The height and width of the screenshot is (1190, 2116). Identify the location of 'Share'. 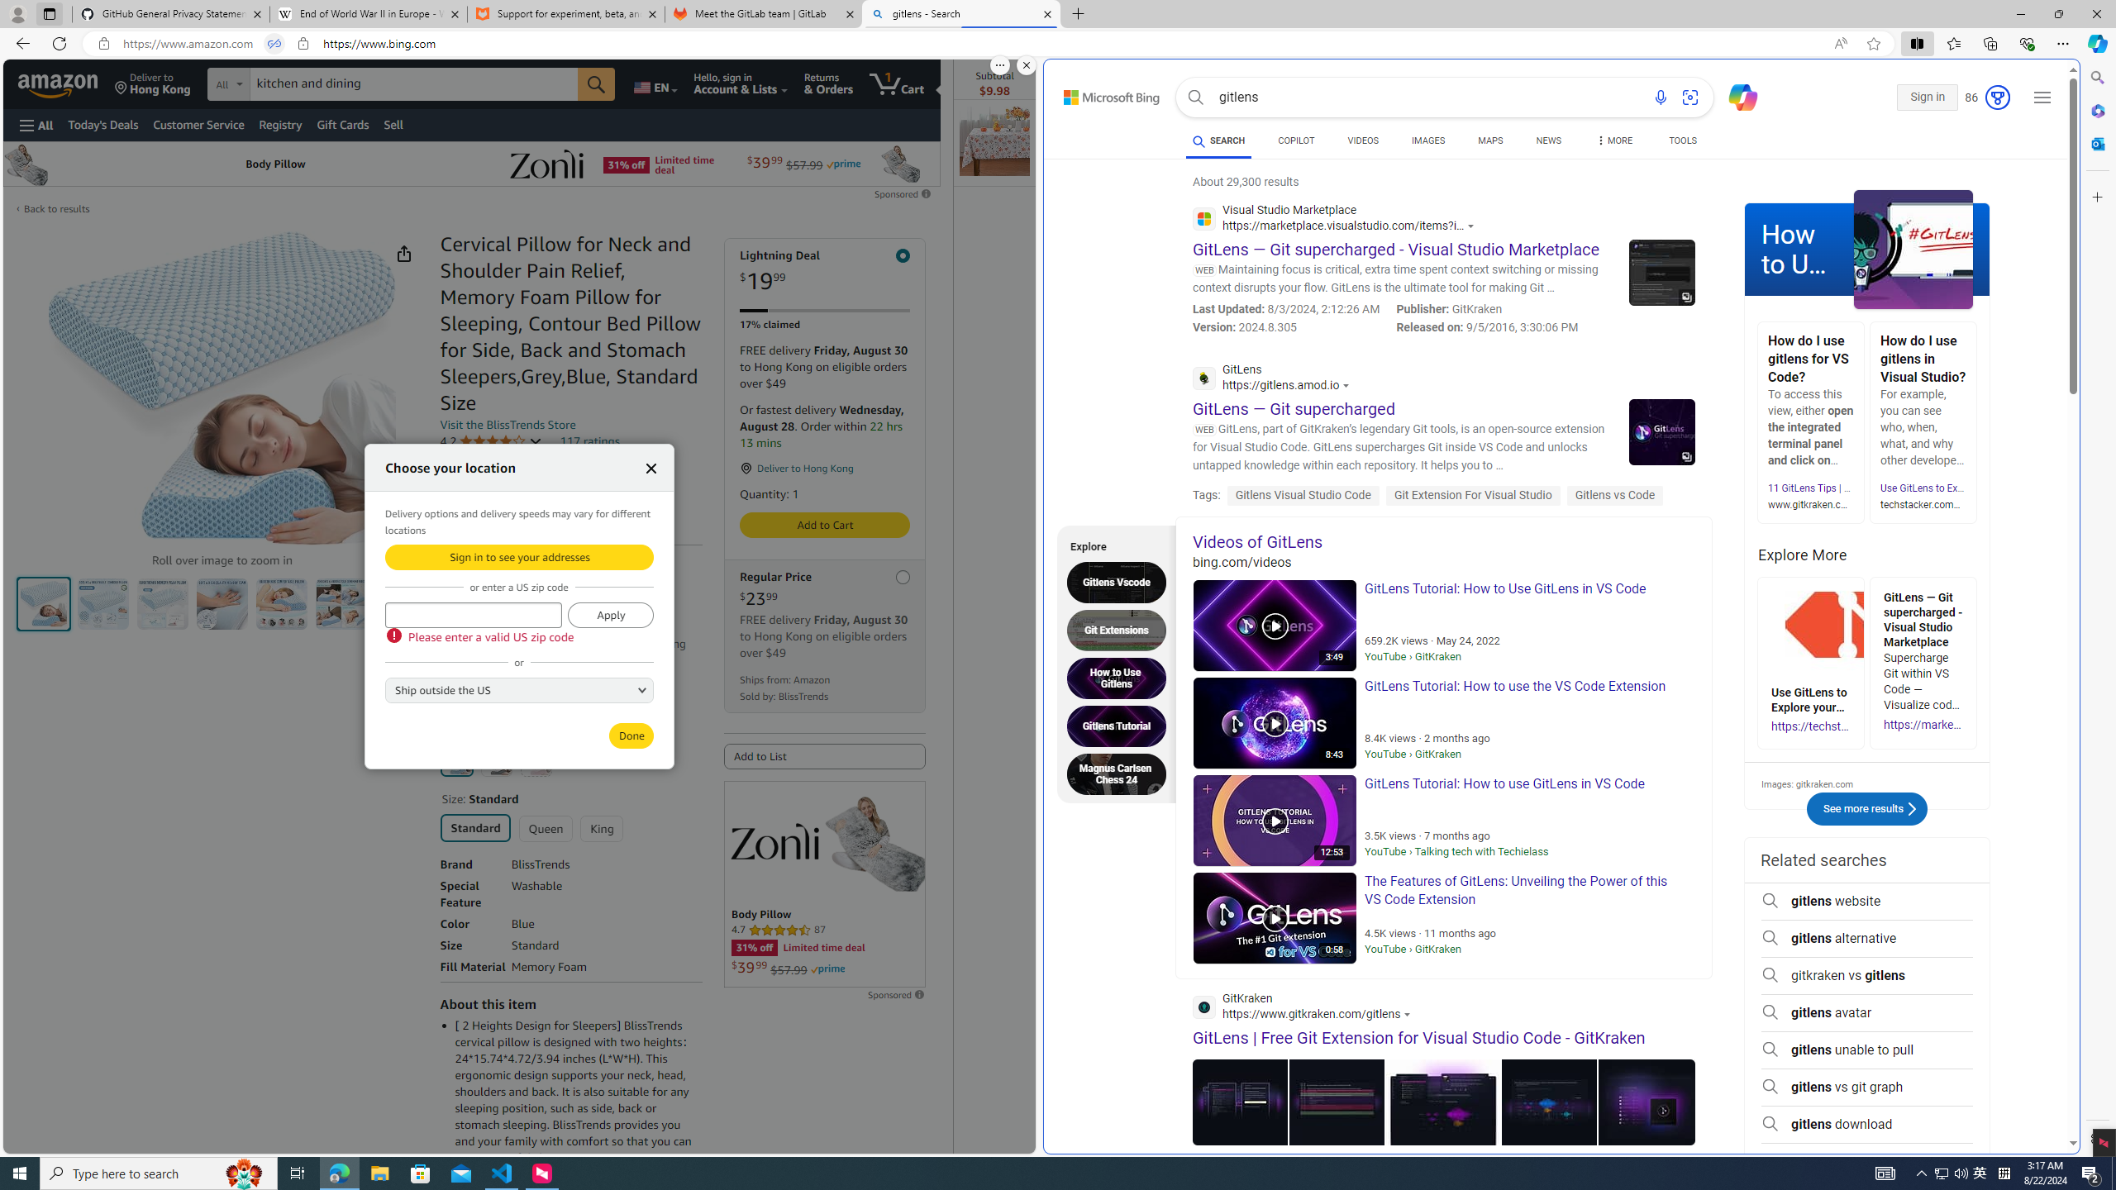
(403, 253).